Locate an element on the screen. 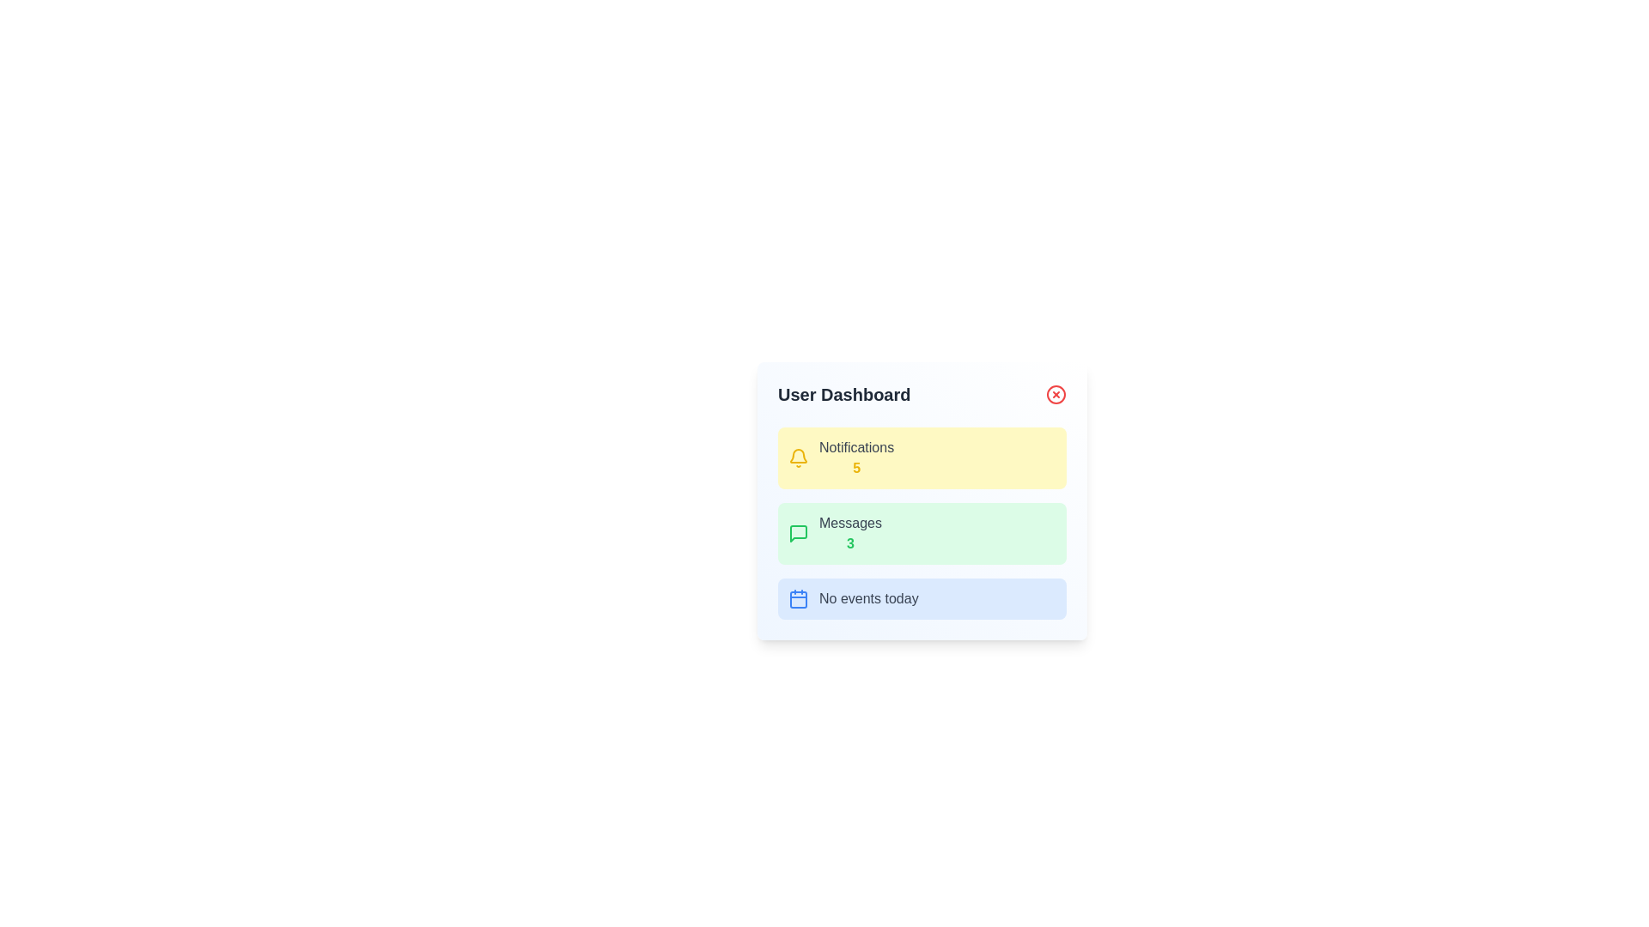 This screenshot has width=1649, height=927. the text element displaying the count of messages, which shows the number '3' and is located within the green box labeled 'Messages' is located at coordinates (850, 543).